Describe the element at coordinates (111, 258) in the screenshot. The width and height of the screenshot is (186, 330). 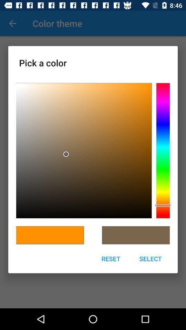
I see `the reset item` at that location.